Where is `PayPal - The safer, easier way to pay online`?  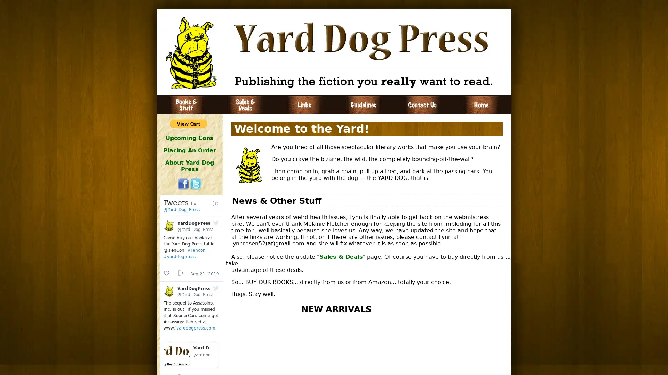 PayPal - The safer, easier way to pay online is located at coordinates (189, 123).